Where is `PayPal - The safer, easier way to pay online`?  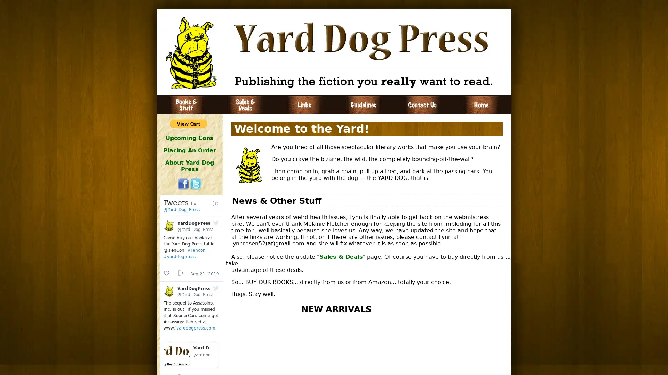 PayPal - The safer, easier way to pay online is located at coordinates (189, 123).